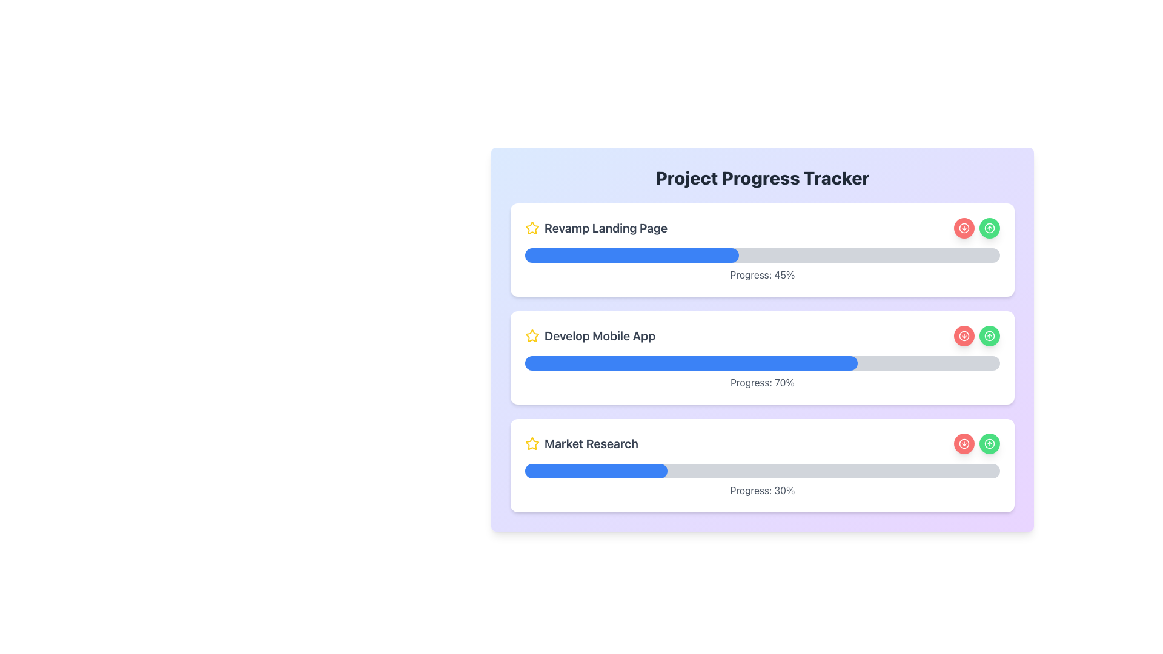  Describe the element at coordinates (631, 254) in the screenshot. I see `the blue progress bar segment within the grey progress bar in the first card labeled 'Revamp Landing Page'` at that location.